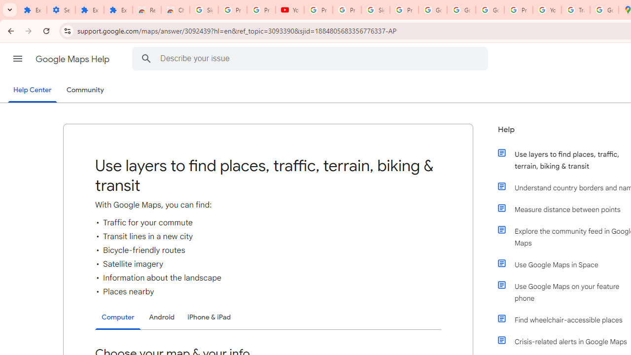  I want to click on 'Settings', so click(61, 10).